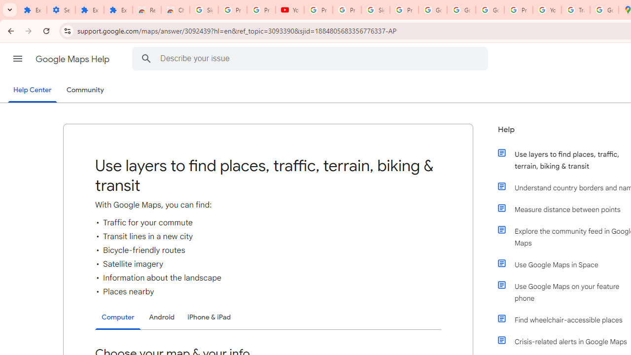  I want to click on 'Settings', so click(61, 10).